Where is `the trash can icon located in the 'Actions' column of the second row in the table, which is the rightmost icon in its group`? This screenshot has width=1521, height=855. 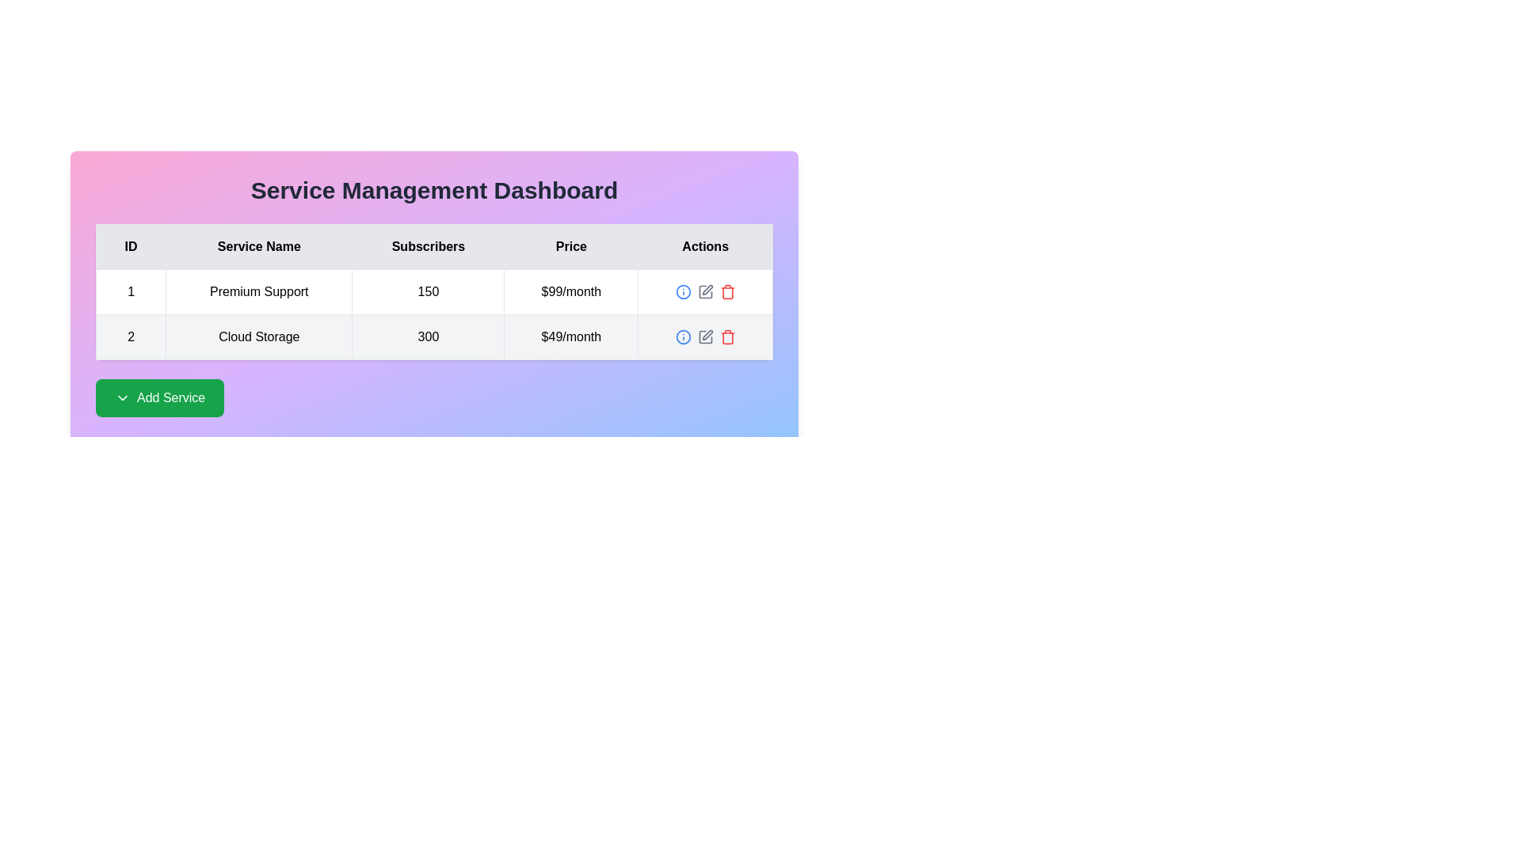
the trash can icon located in the 'Actions' column of the second row in the table, which is the rightmost icon in its group is located at coordinates (726, 293).